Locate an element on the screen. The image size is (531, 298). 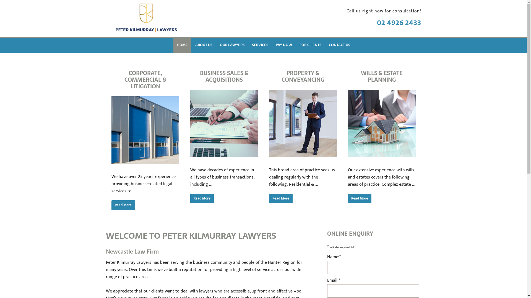
'CONTACT US' is located at coordinates (339, 44).